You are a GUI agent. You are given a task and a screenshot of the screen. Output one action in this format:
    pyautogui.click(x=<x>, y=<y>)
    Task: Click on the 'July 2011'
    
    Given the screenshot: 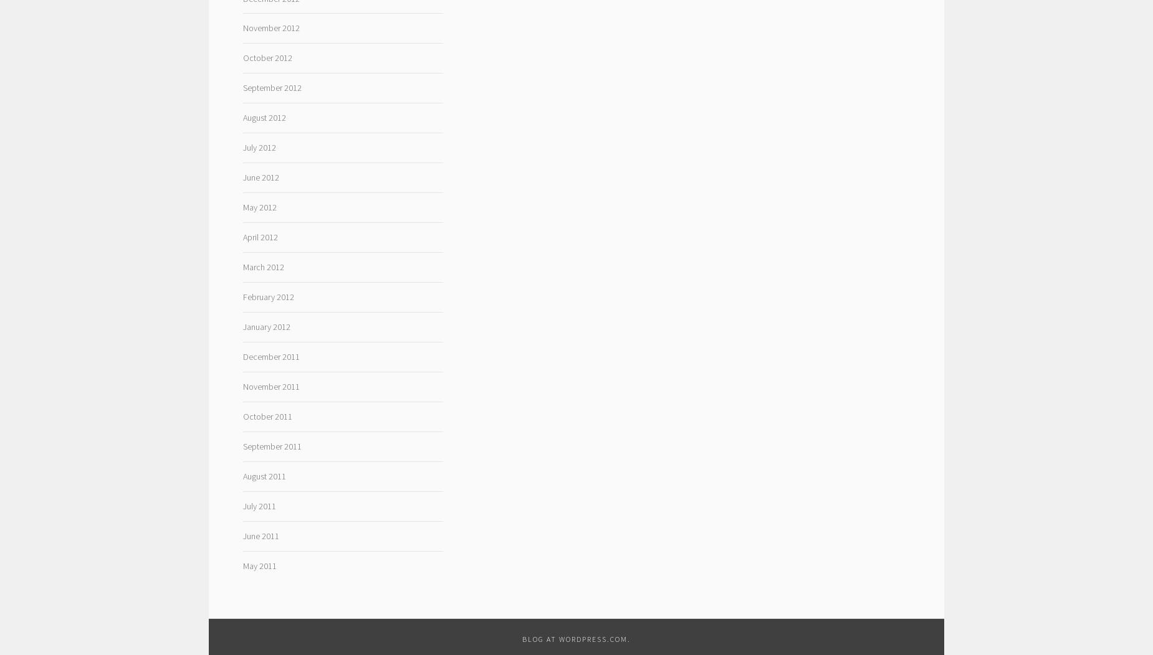 What is the action you would take?
    pyautogui.click(x=242, y=506)
    